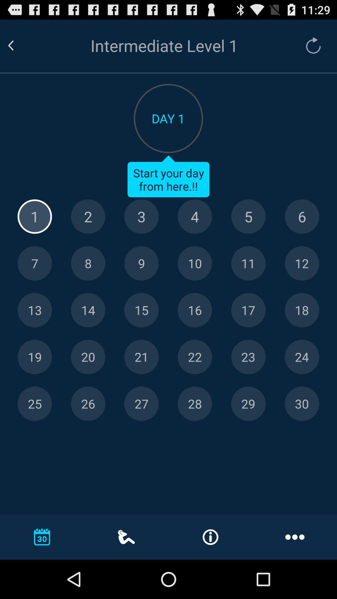 The image size is (337, 599). Describe the element at coordinates (18, 48) in the screenshot. I see `the arrow_backward icon` at that location.